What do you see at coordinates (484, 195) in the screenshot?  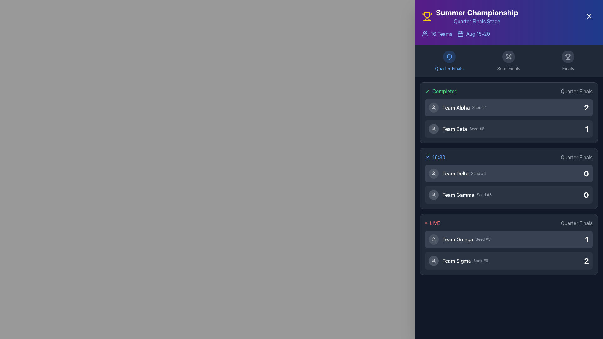 I see `contextual information provided by the text label indicating the seed ranking of 'Team Gamma' in the 'Quarter Finals' section` at bounding box center [484, 195].